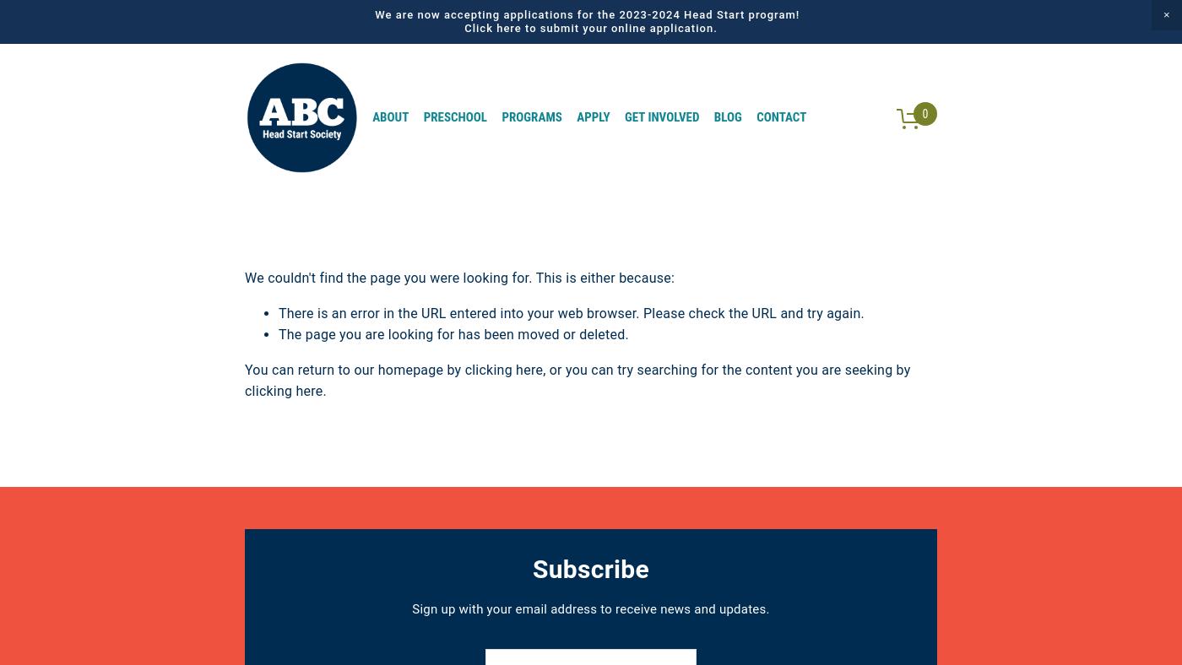 The width and height of the screenshot is (1182, 665). Describe the element at coordinates (464, 26) in the screenshot. I see `'Click here to submit your online application.'` at that location.